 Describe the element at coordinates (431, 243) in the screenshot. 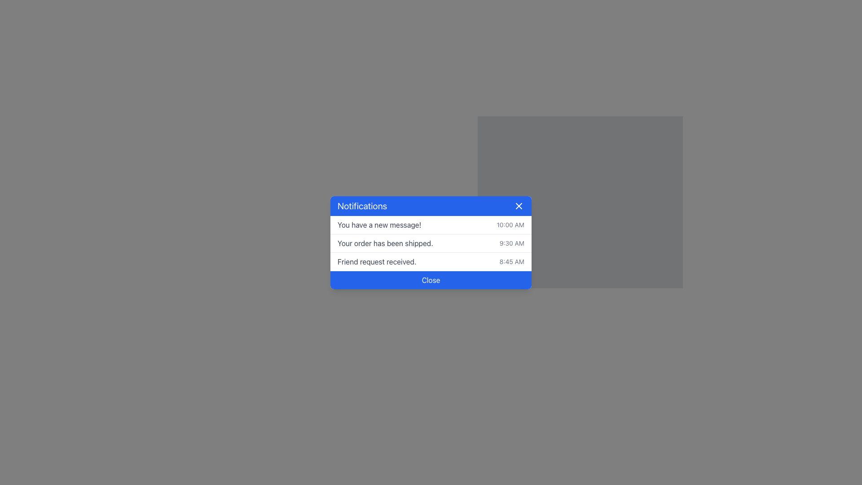

I see `the second notification in the 'Notifications' list` at that location.